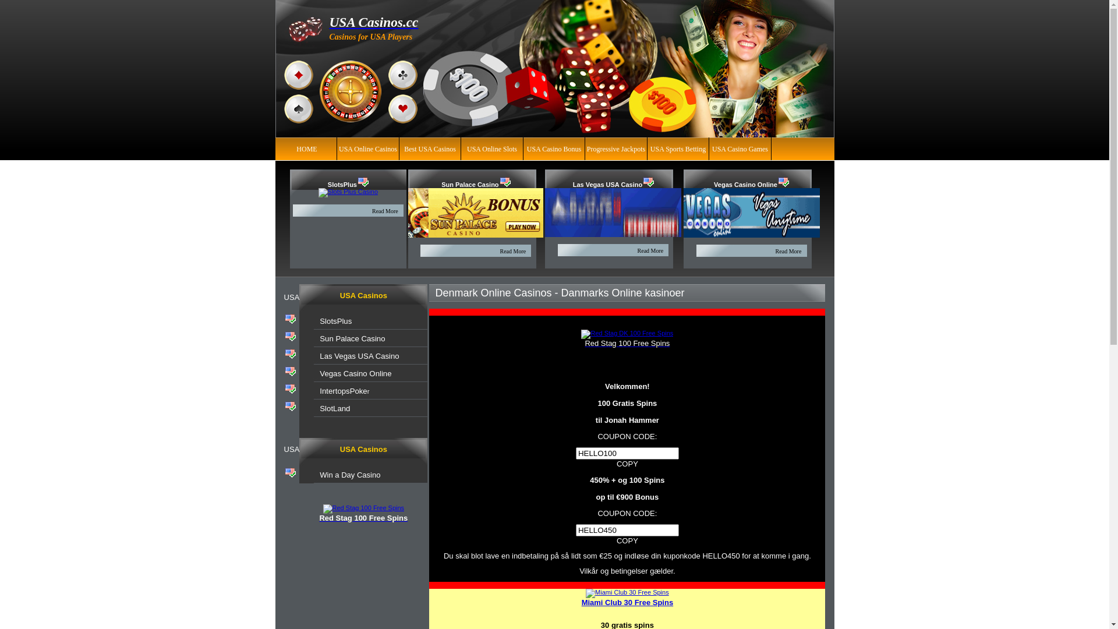 The image size is (1118, 629). What do you see at coordinates (319, 339) in the screenshot?
I see `'Sun Palace Casino'` at bounding box center [319, 339].